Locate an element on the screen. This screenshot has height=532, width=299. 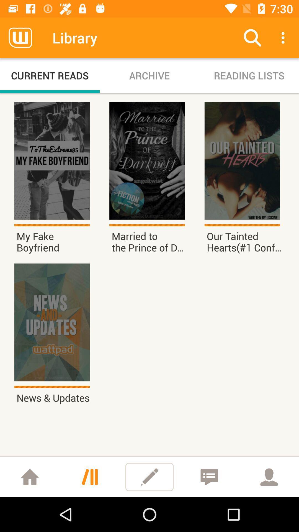
the icon to the left of archive is located at coordinates (50, 75).